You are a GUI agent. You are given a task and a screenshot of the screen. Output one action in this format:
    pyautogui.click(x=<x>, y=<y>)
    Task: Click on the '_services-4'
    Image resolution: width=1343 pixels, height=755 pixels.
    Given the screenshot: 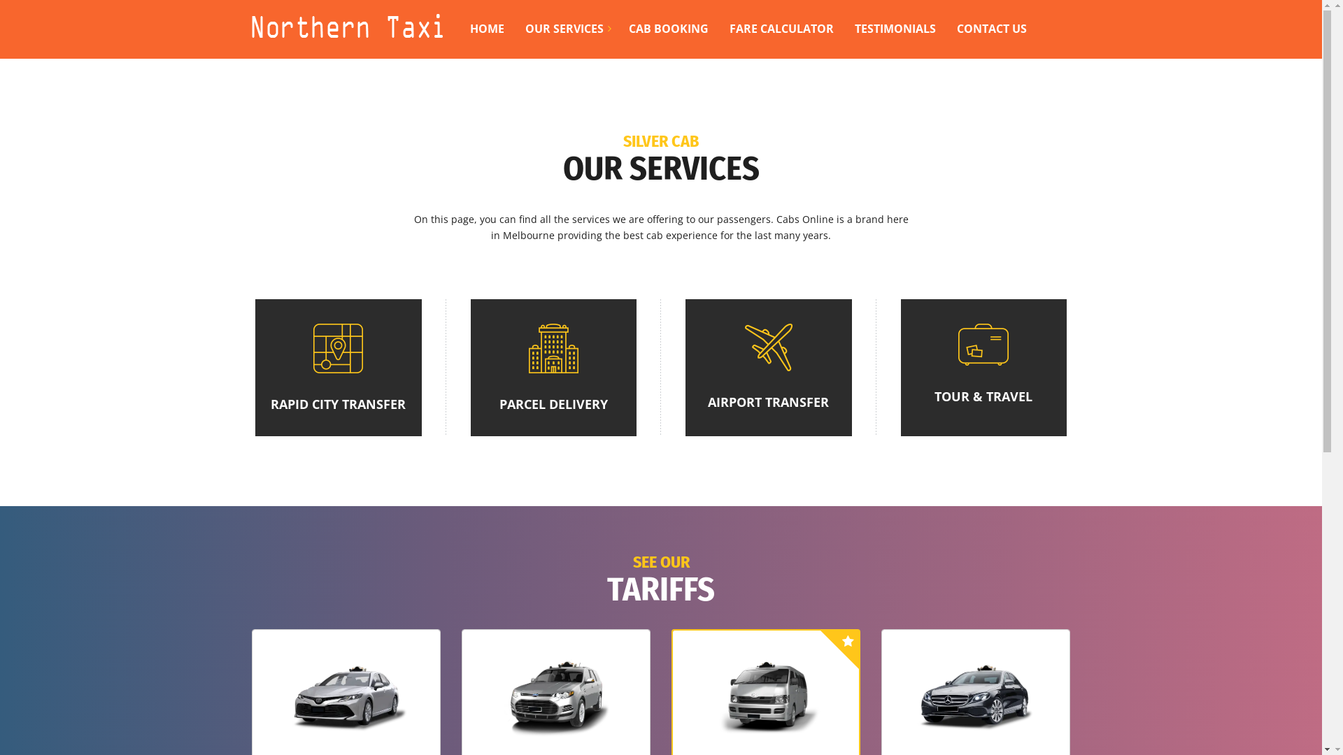 What is the action you would take?
    pyautogui.click(x=983, y=345)
    